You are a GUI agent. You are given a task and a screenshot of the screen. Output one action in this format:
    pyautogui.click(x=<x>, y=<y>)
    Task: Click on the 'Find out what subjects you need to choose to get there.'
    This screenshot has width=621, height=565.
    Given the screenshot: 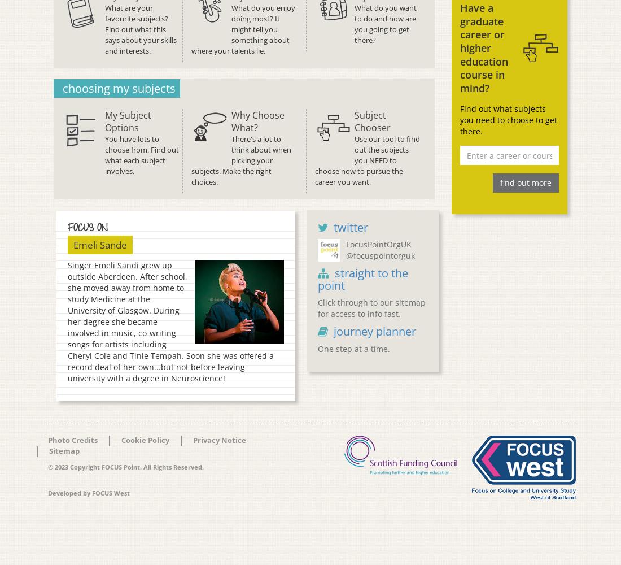 What is the action you would take?
    pyautogui.click(x=509, y=119)
    